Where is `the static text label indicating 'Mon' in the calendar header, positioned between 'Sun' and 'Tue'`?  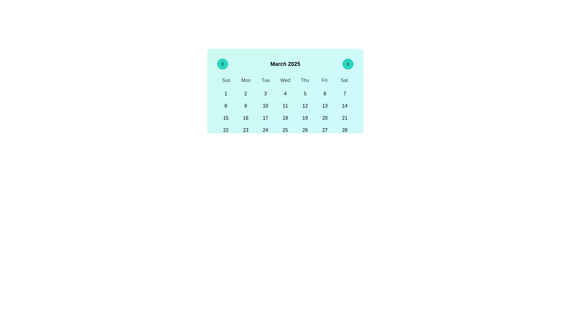 the static text label indicating 'Mon' in the calendar header, positioned between 'Sun' and 'Tue' is located at coordinates (246, 80).